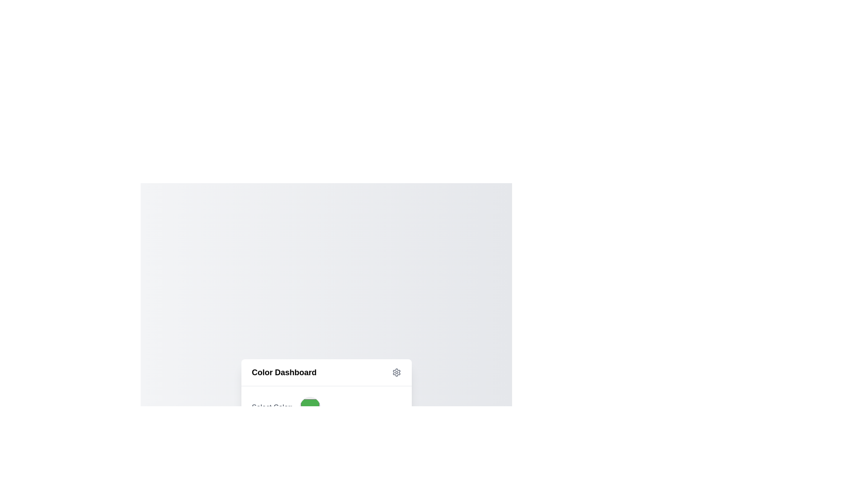 The width and height of the screenshot is (852, 479). I want to click on the Static informational box displaying 'Current color: #4CAF50' with a green background, located beneath the 'Select Color:' section, so click(326, 437).